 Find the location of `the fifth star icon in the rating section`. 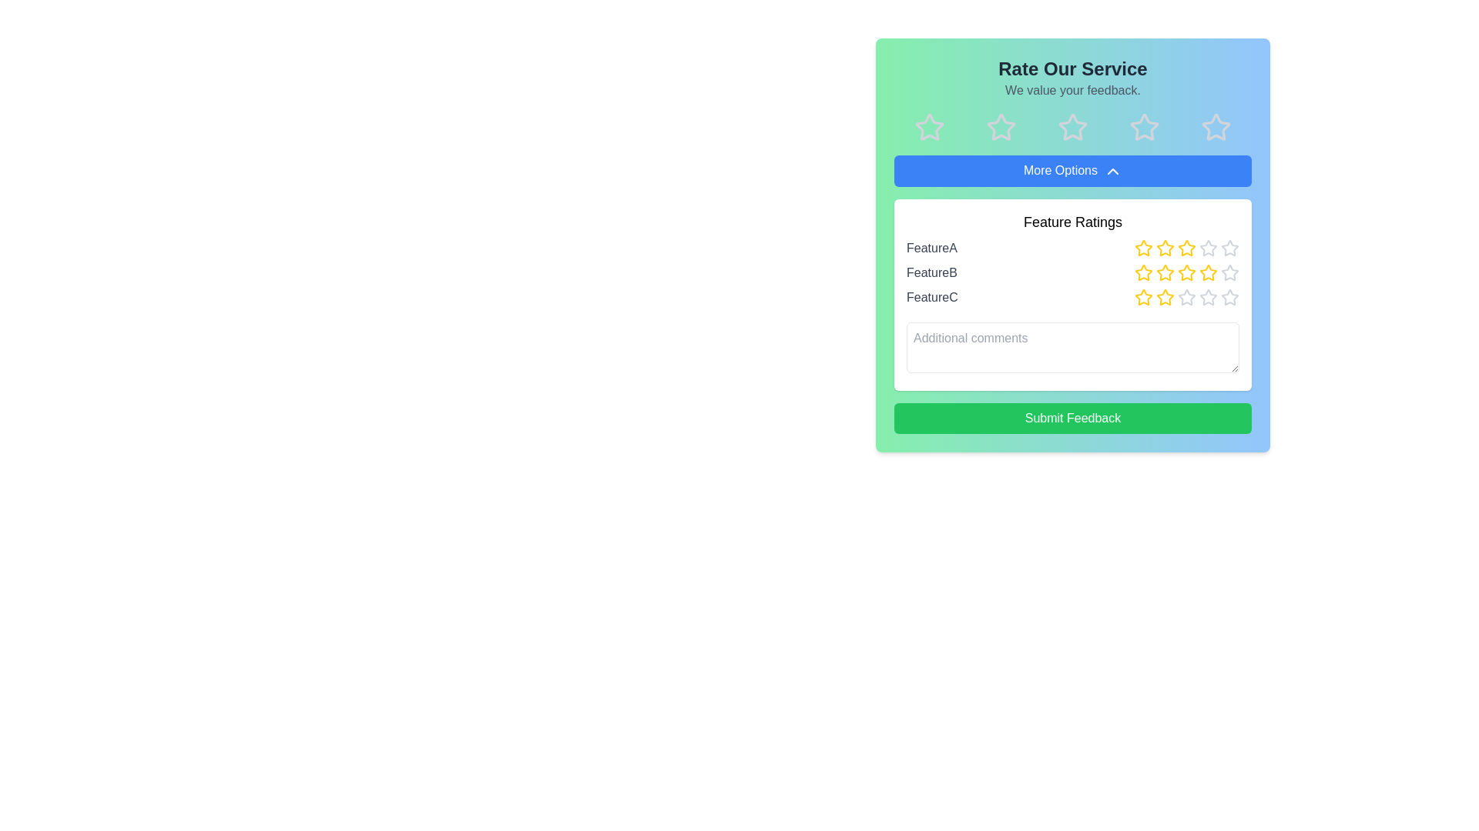

the fifth star icon in the rating section is located at coordinates (1215, 126).